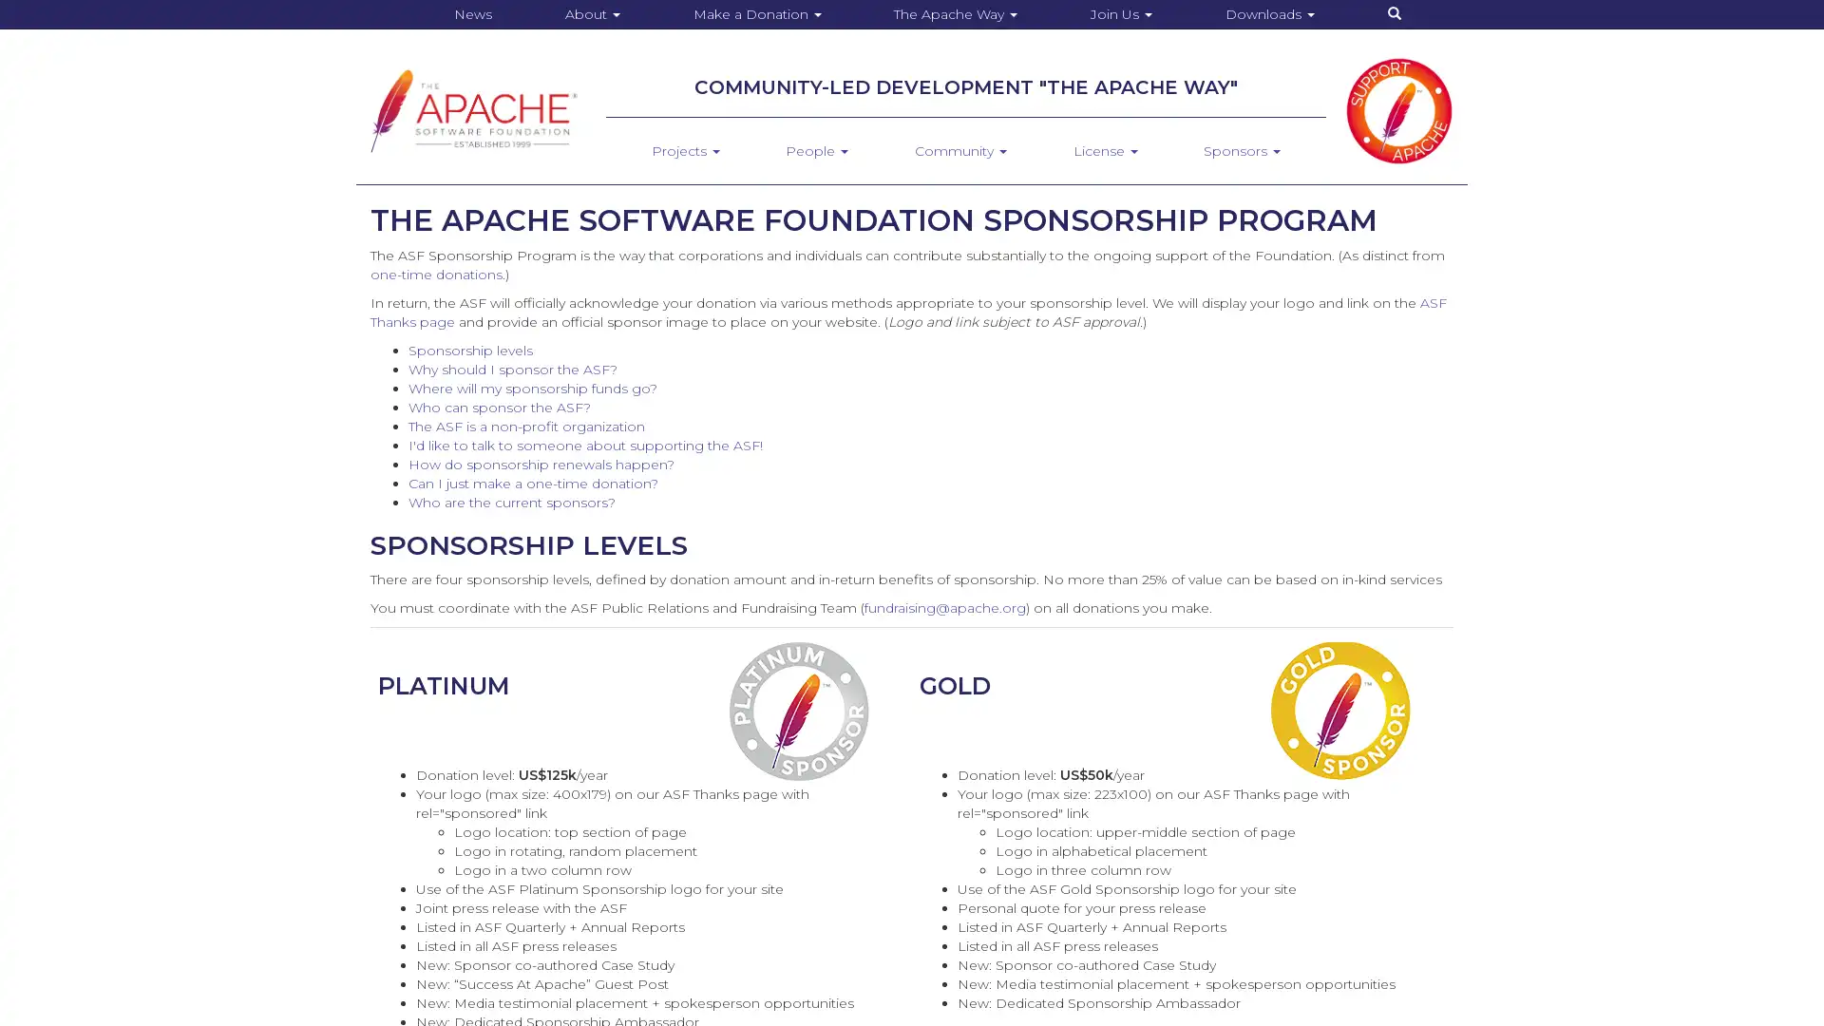  What do you see at coordinates (684, 149) in the screenshot?
I see `Projects` at bounding box center [684, 149].